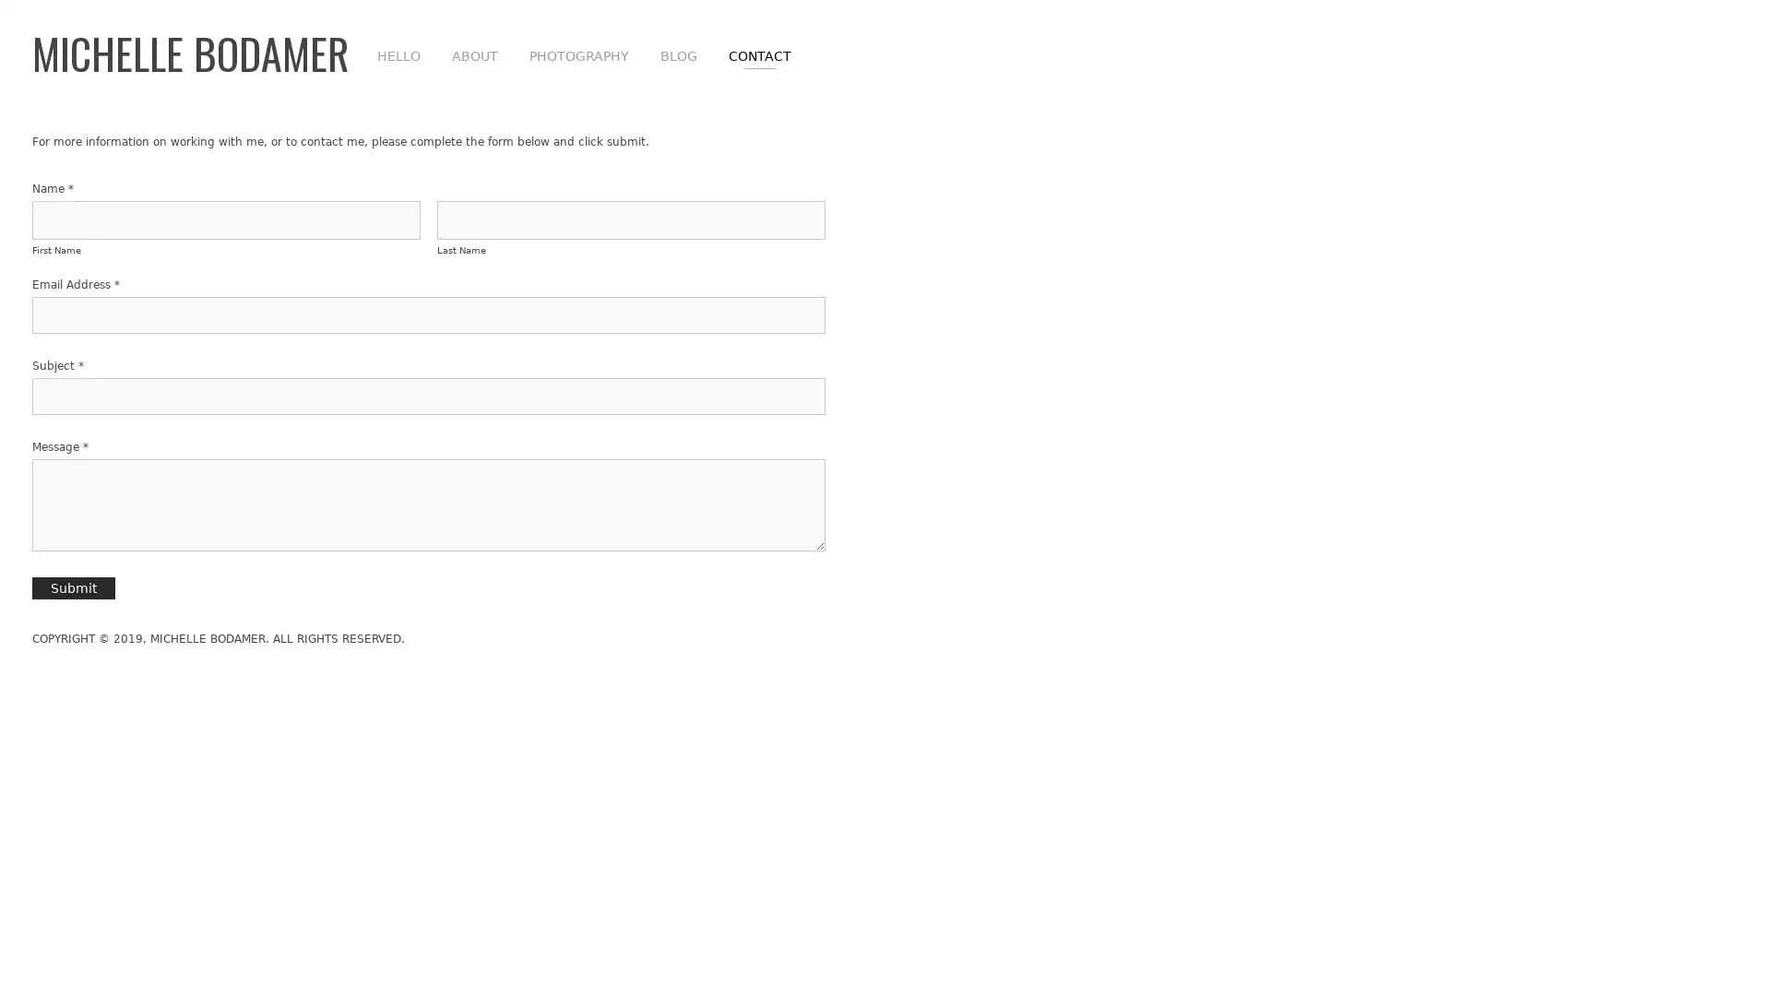 This screenshot has height=996, width=1771. What do you see at coordinates (74, 587) in the screenshot?
I see `Submit` at bounding box center [74, 587].